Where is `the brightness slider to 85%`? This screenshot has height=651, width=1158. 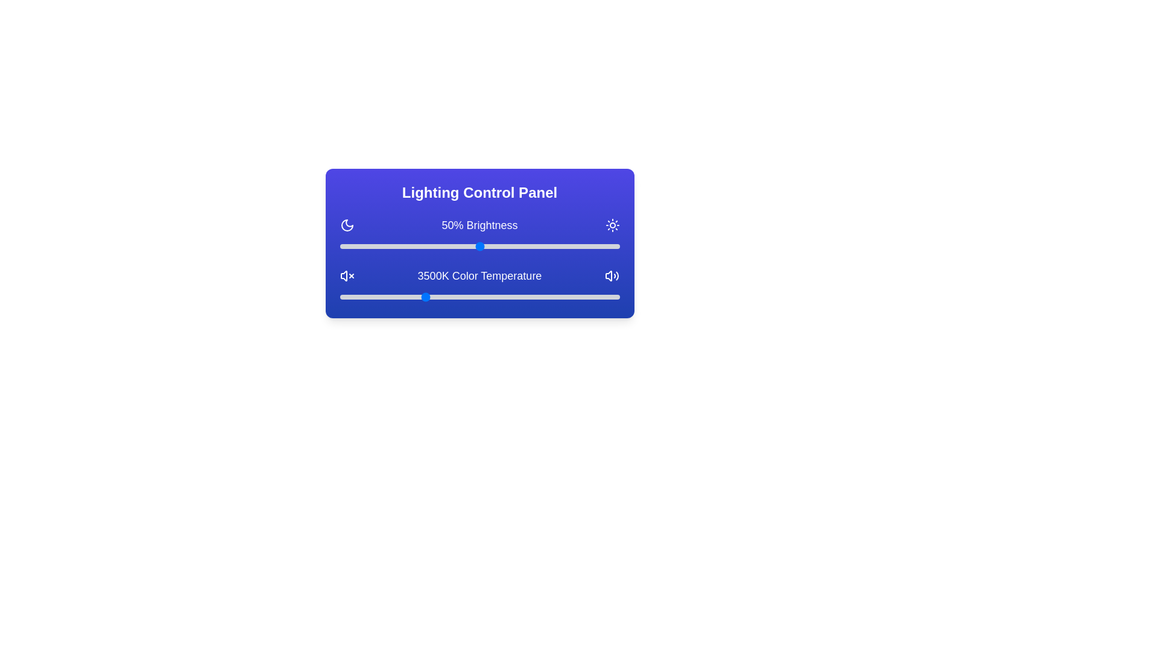 the brightness slider to 85% is located at coordinates (577, 245).